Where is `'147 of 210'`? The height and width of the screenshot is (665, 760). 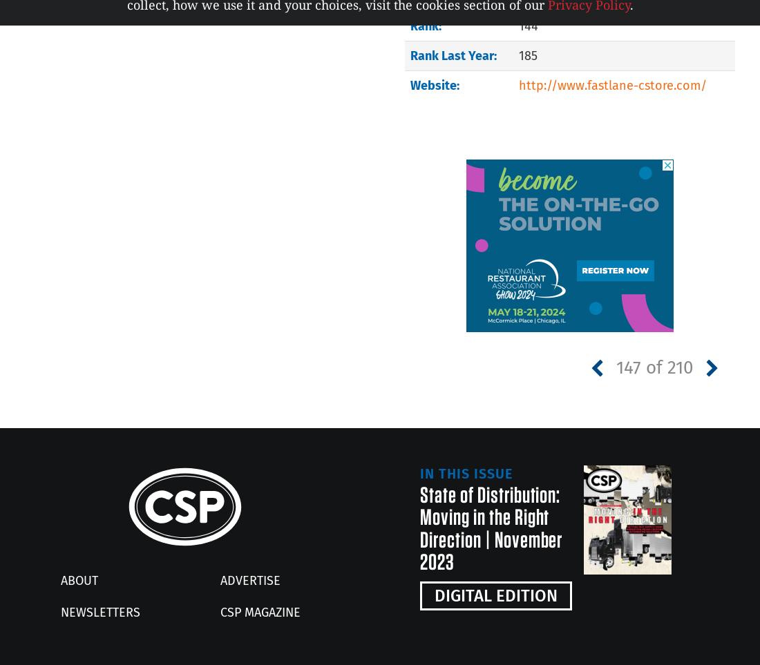
'147 of 210' is located at coordinates (615, 366).